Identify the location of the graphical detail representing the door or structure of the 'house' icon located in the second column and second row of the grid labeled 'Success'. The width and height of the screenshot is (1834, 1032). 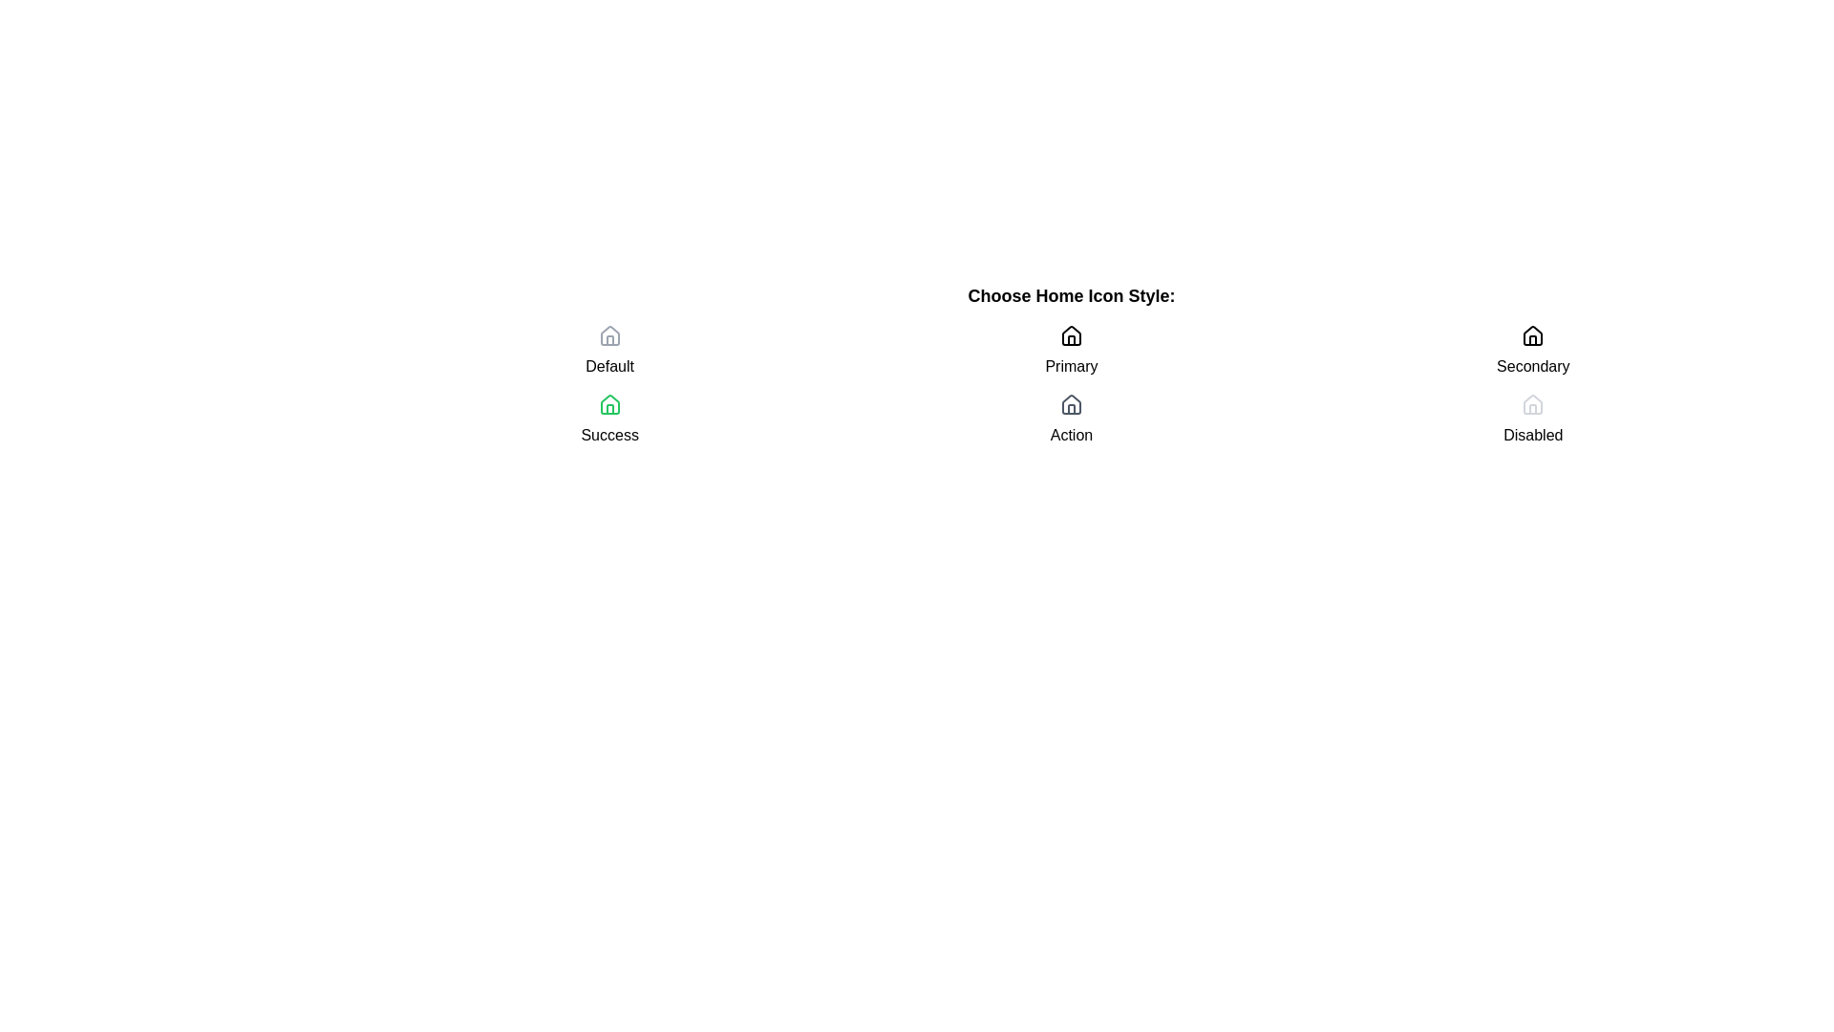
(608, 408).